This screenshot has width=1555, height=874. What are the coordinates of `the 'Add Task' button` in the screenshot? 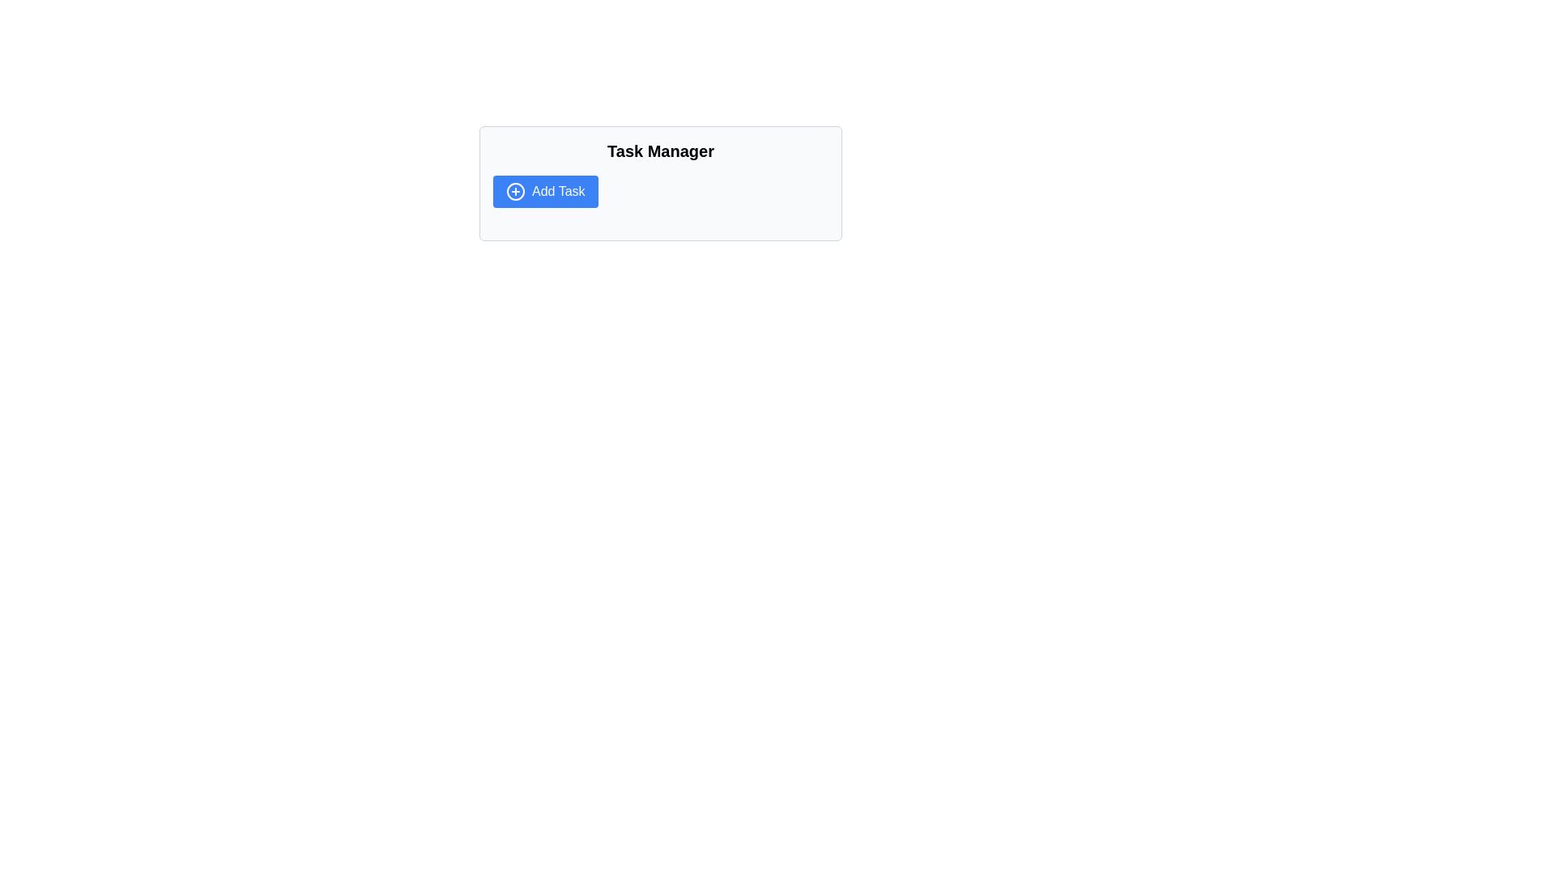 It's located at (545, 190).